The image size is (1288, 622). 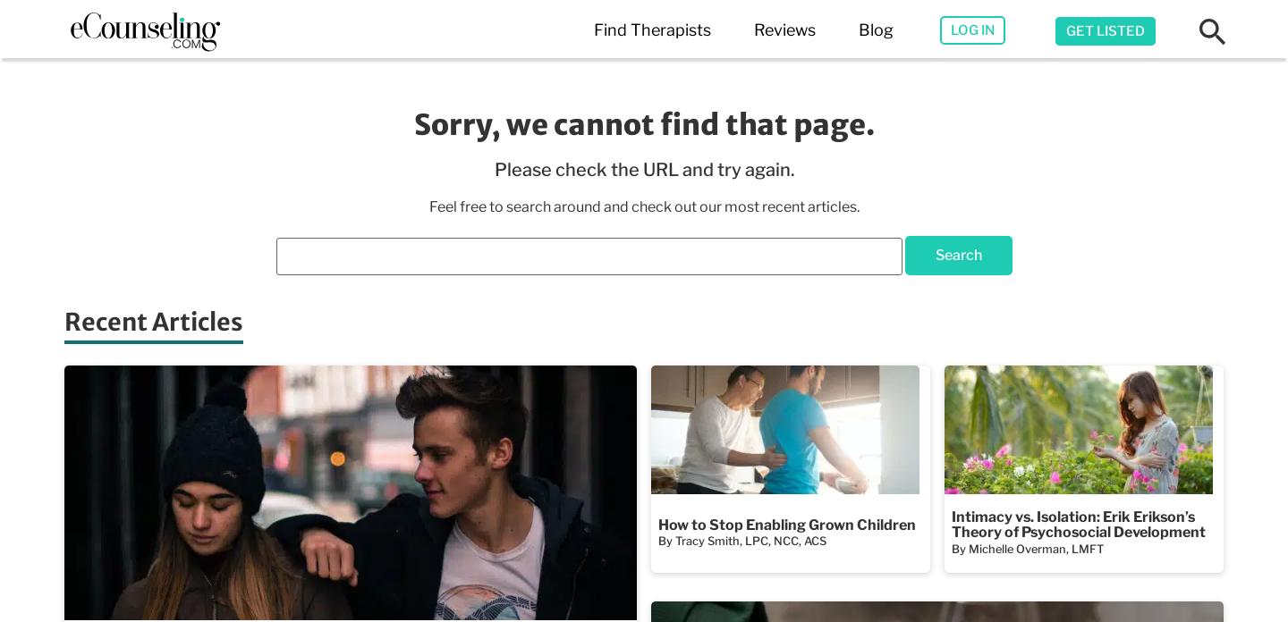 What do you see at coordinates (1170, 99) in the screenshot?
I see `'X'` at bounding box center [1170, 99].